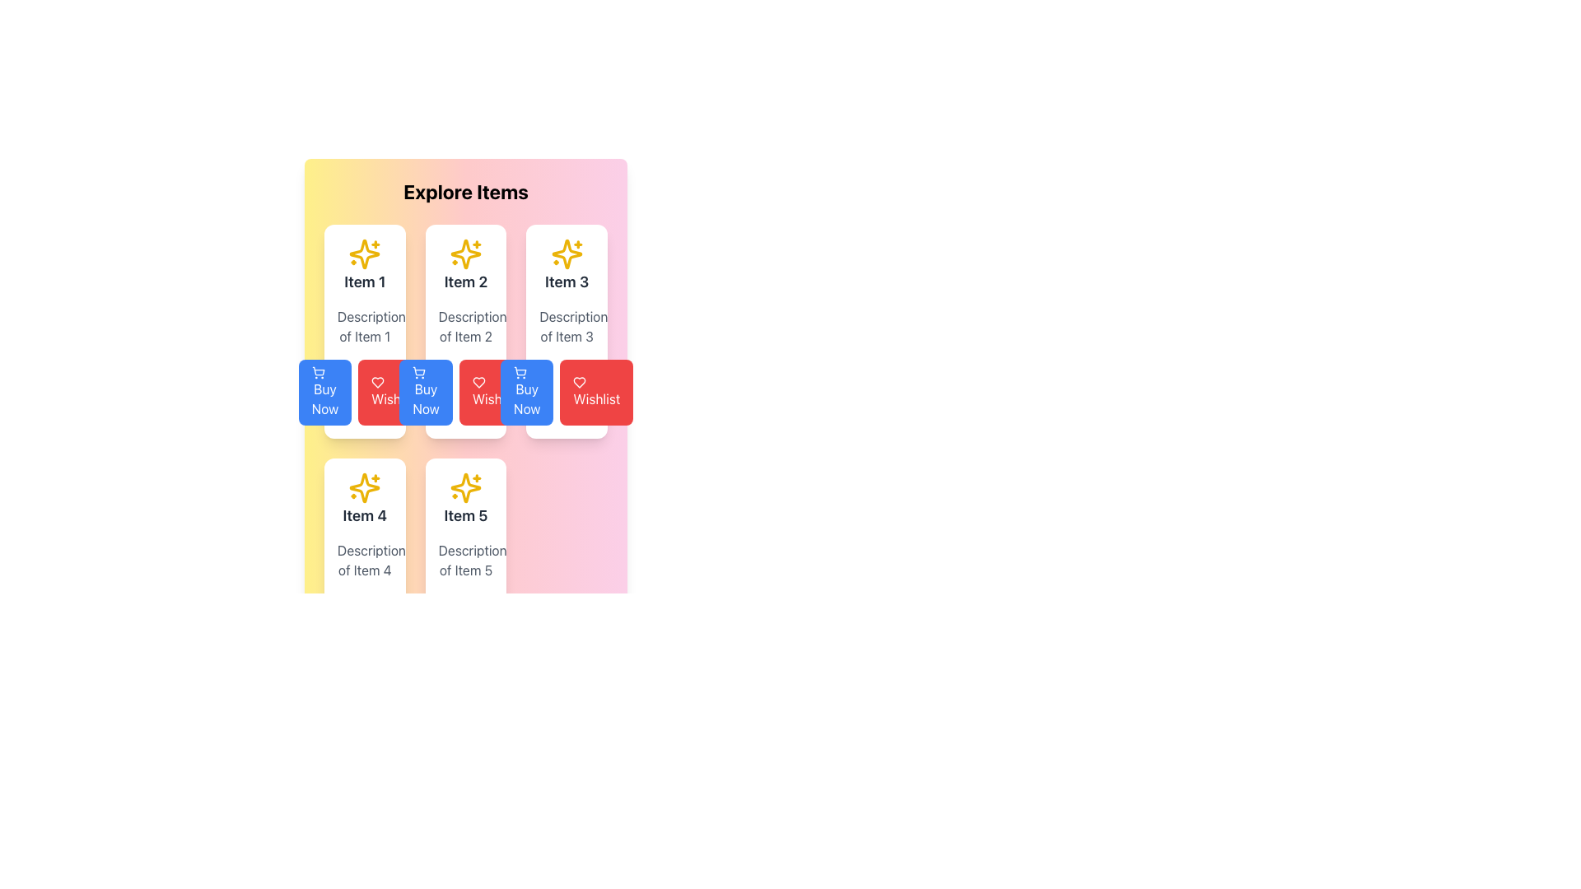  I want to click on the Text Label for 'Item 3', which is the title of the third column in a 2x3 grid of items, positioned below a sparkles icon and above the description and action buttons, so click(567, 282).